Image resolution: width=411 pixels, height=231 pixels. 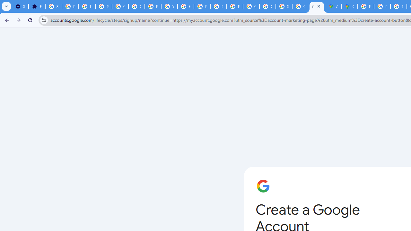 What do you see at coordinates (20, 6) in the screenshot?
I see `'Settings - On startup'` at bounding box center [20, 6].